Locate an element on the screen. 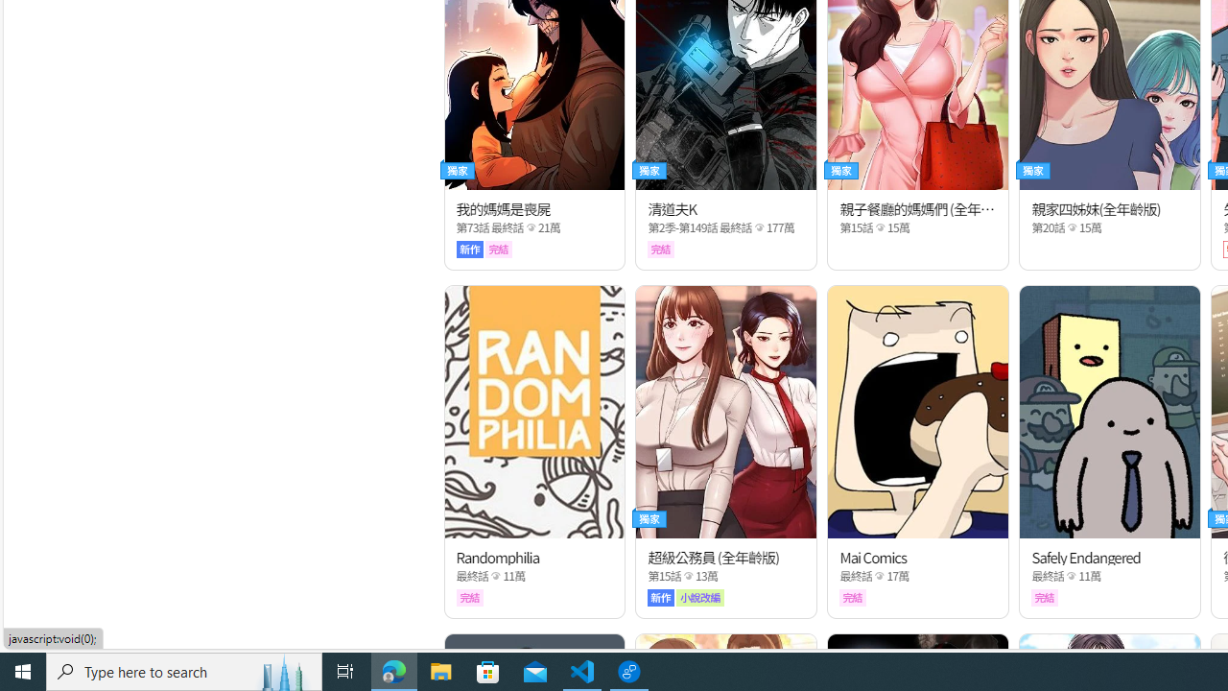 This screenshot has width=1228, height=691. 'Class: thumb_img' is located at coordinates (1110, 410).